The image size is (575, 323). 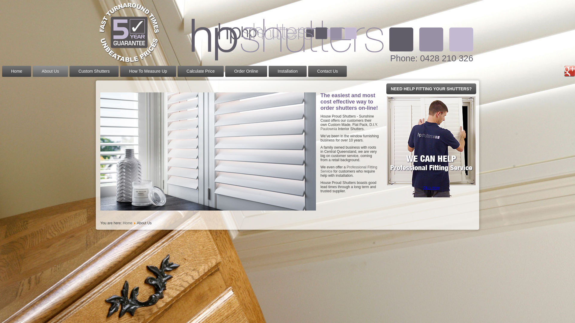 What do you see at coordinates (431, 188) in the screenshot?
I see `'Click Here'` at bounding box center [431, 188].